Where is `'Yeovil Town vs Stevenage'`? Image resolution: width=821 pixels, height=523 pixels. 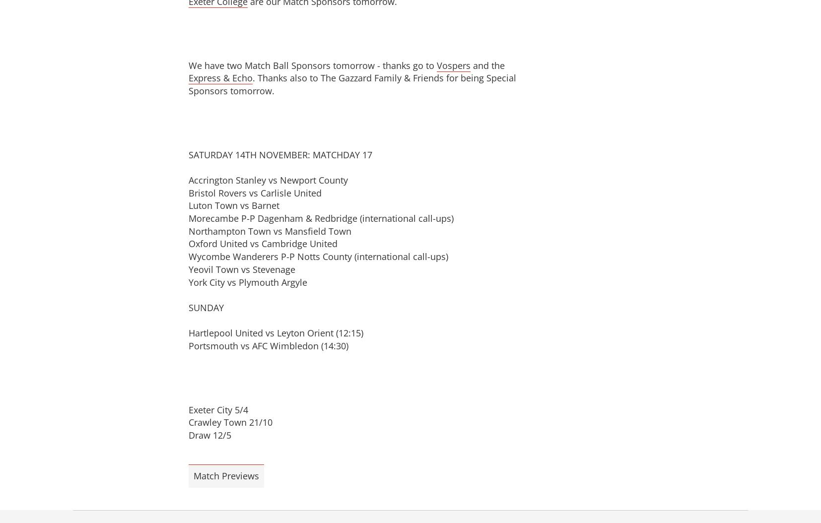
'Yeovil Town vs Stevenage' is located at coordinates (188, 268).